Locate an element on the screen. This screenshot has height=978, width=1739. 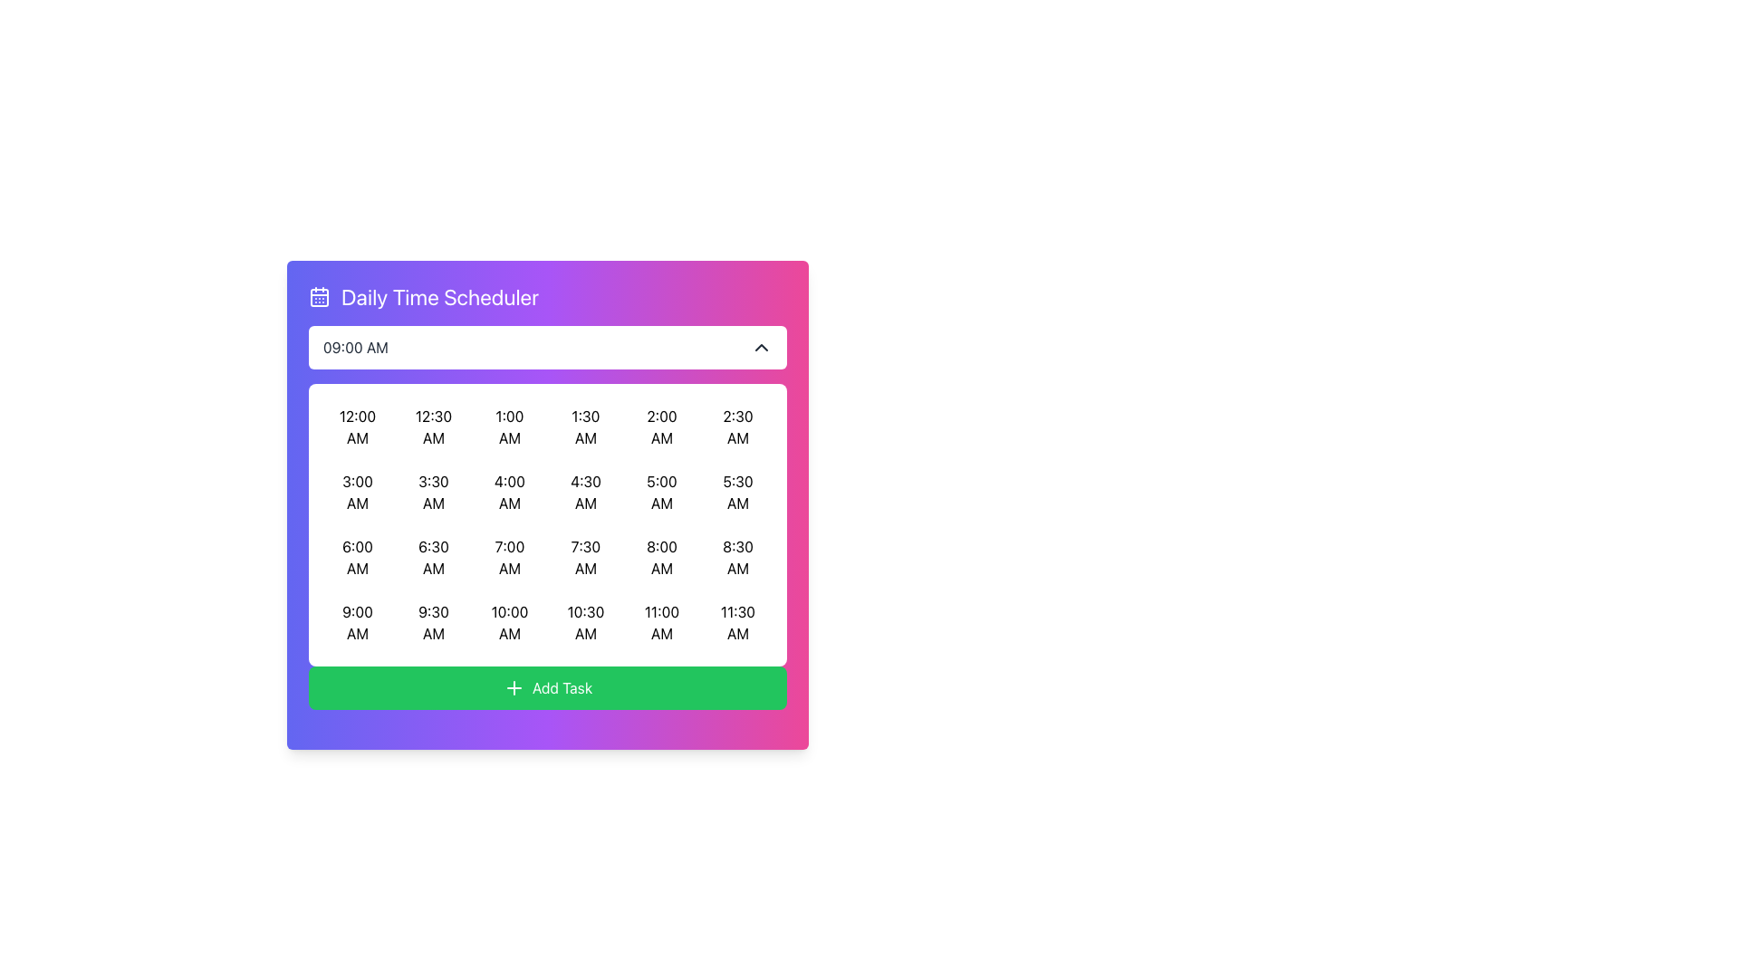
the button labeled '3:00 AM' which is located in the second row, first column of a grid layout is located at coordinates (357, 492).